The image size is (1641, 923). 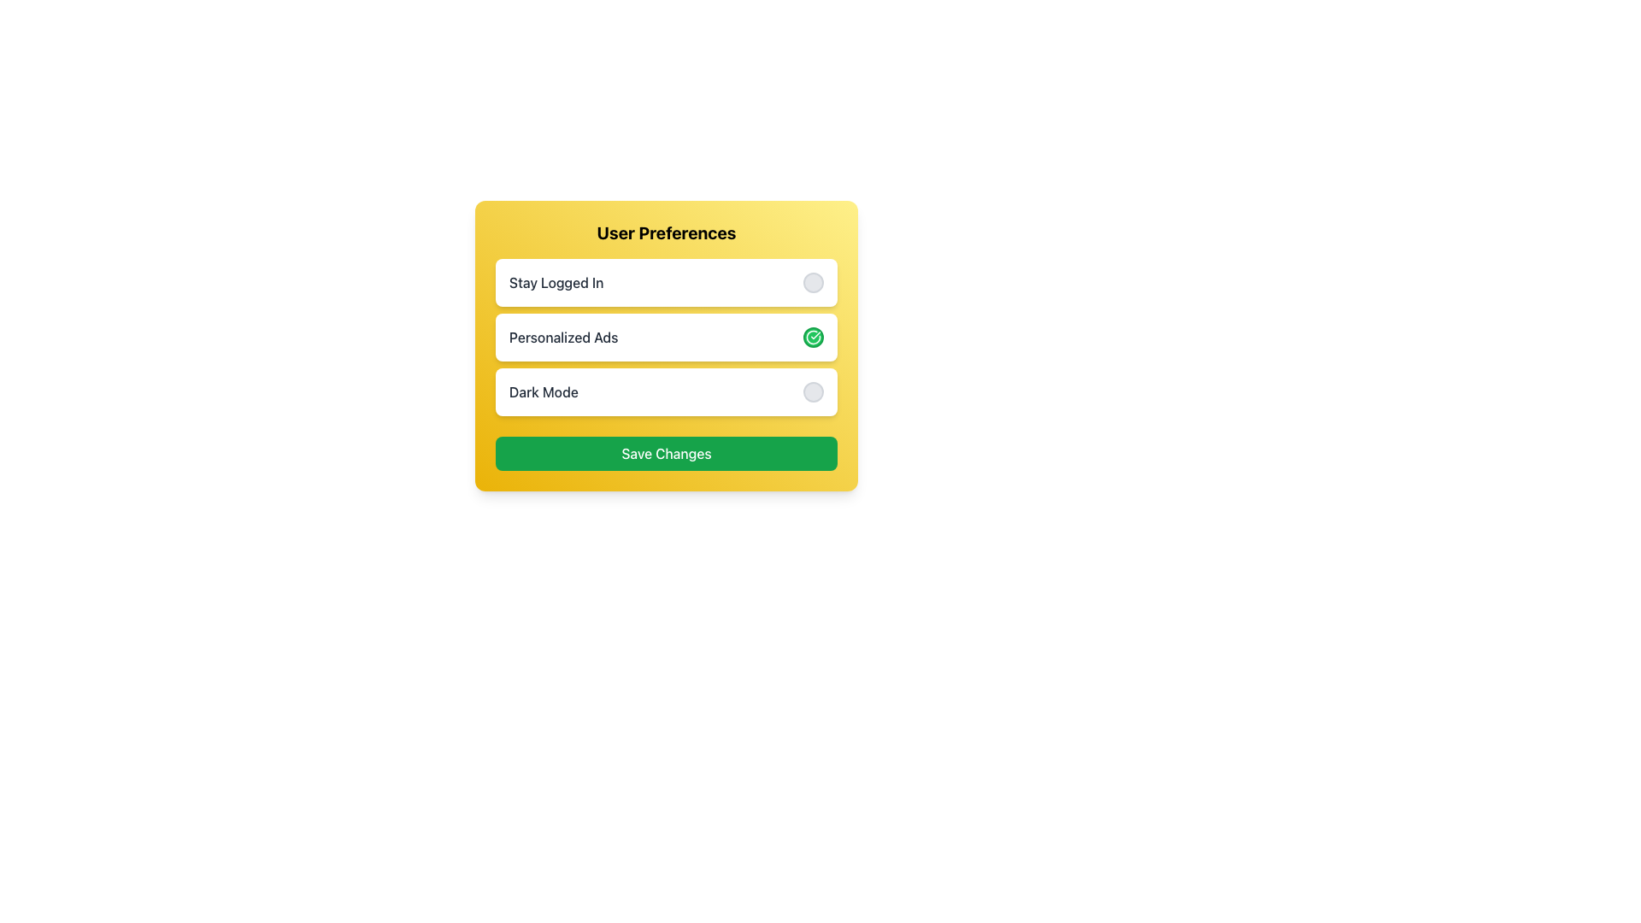 I want to click on the 'Save Changes' button, which is a green rectangular button with rounded corners located at the bottom of the 'User Preferences' card layout, so click(x=665, y=453).